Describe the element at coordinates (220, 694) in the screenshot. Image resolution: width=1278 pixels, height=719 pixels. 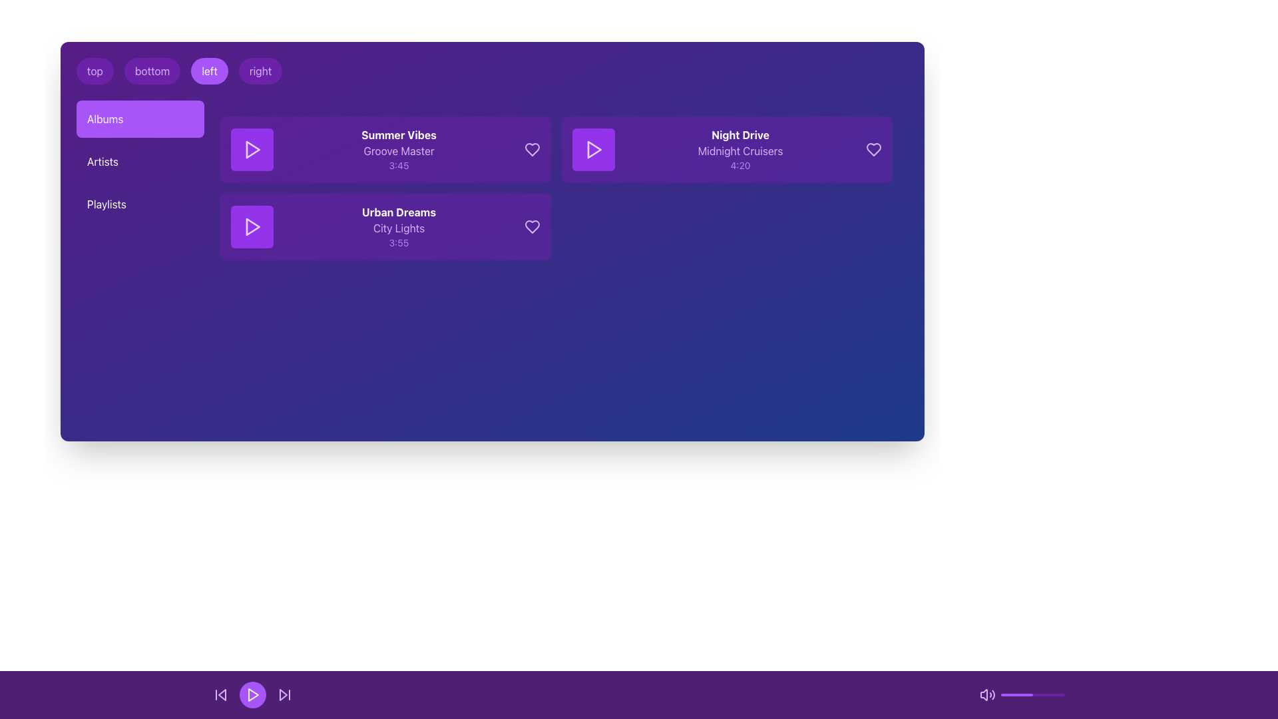
I see `the backward skip button icon, which is a purple playback control with an arrow pointing left, to change its appearance to white` at that location.